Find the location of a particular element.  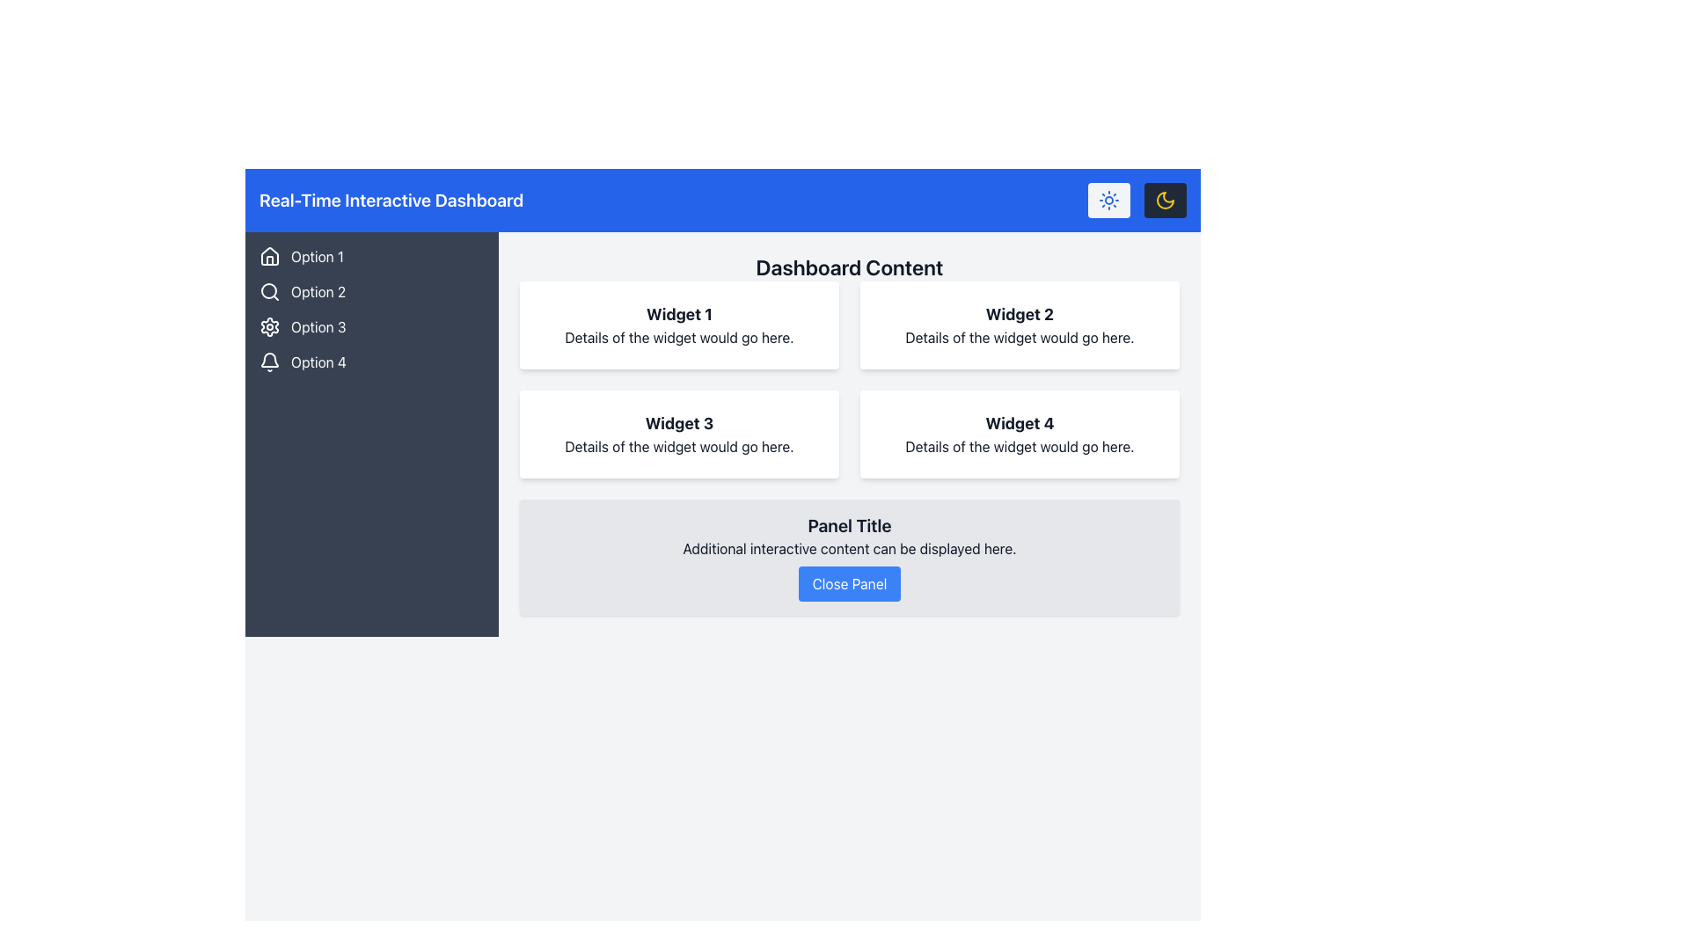

the first vector graphic icon in the vertical navigation sidebar, which serves as a navigation link to the 'Home' or main dashboard section of the application is located at coordinates (269, 255).